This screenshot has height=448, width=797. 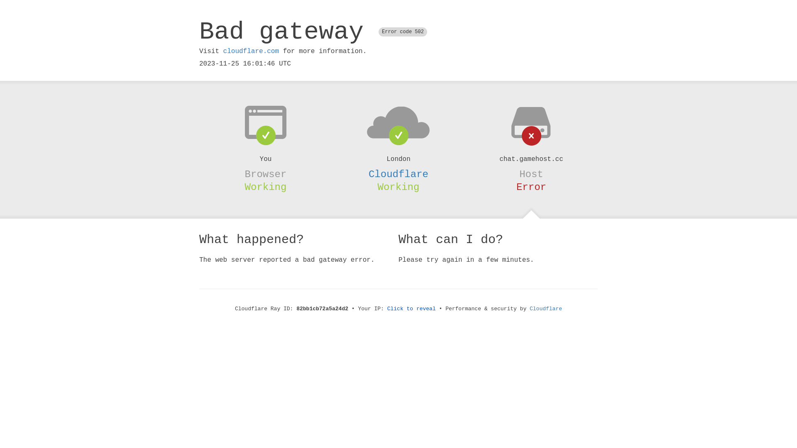 I want to click on 'Click to reveal', so click(x=411, y=309).